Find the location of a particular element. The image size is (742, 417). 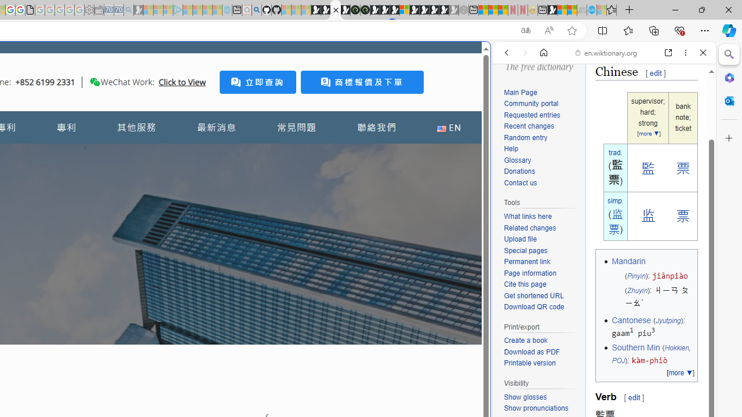

'Cantonese' is located at coordinates (631, 320).